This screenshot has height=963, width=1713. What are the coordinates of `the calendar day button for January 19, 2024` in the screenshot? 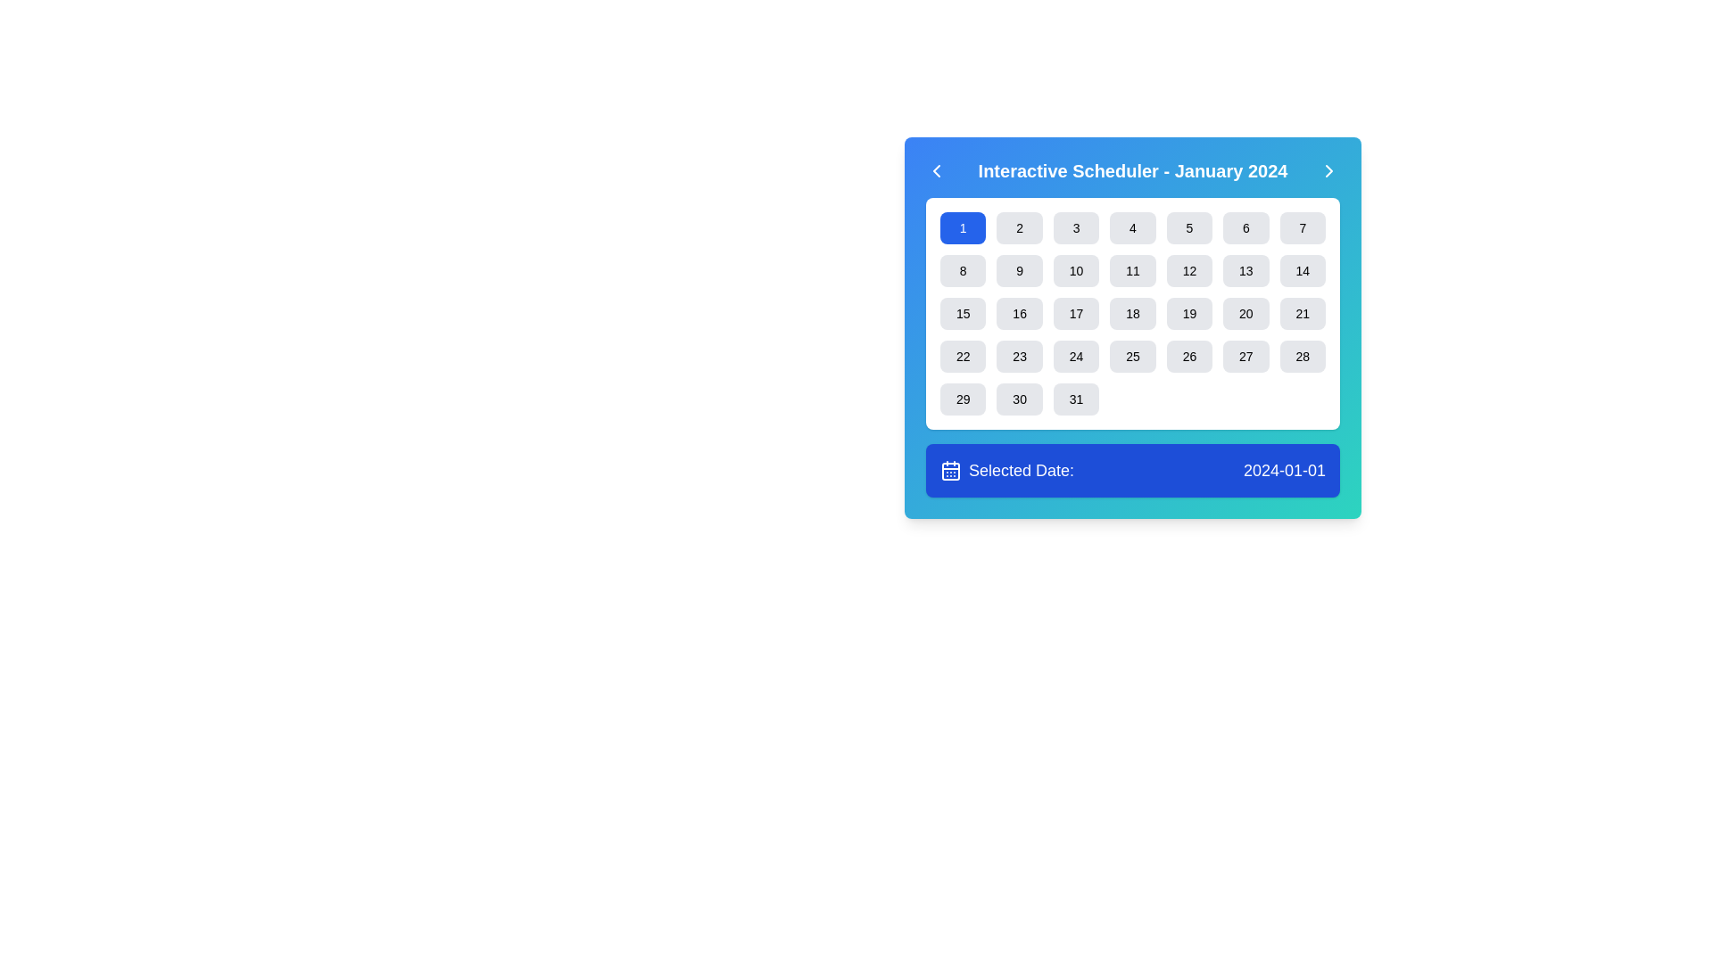 It's located at (1189, 312).